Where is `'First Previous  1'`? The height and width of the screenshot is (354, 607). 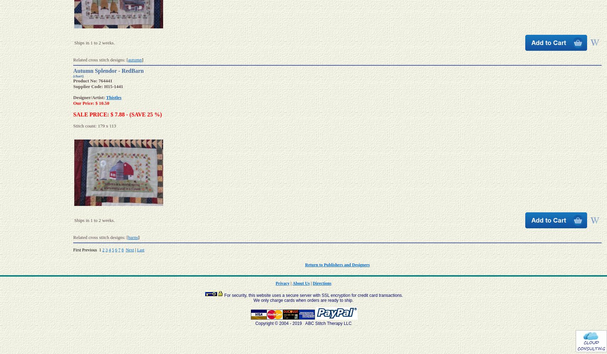
'First Previous  1' is located at coordinates (87, 249).